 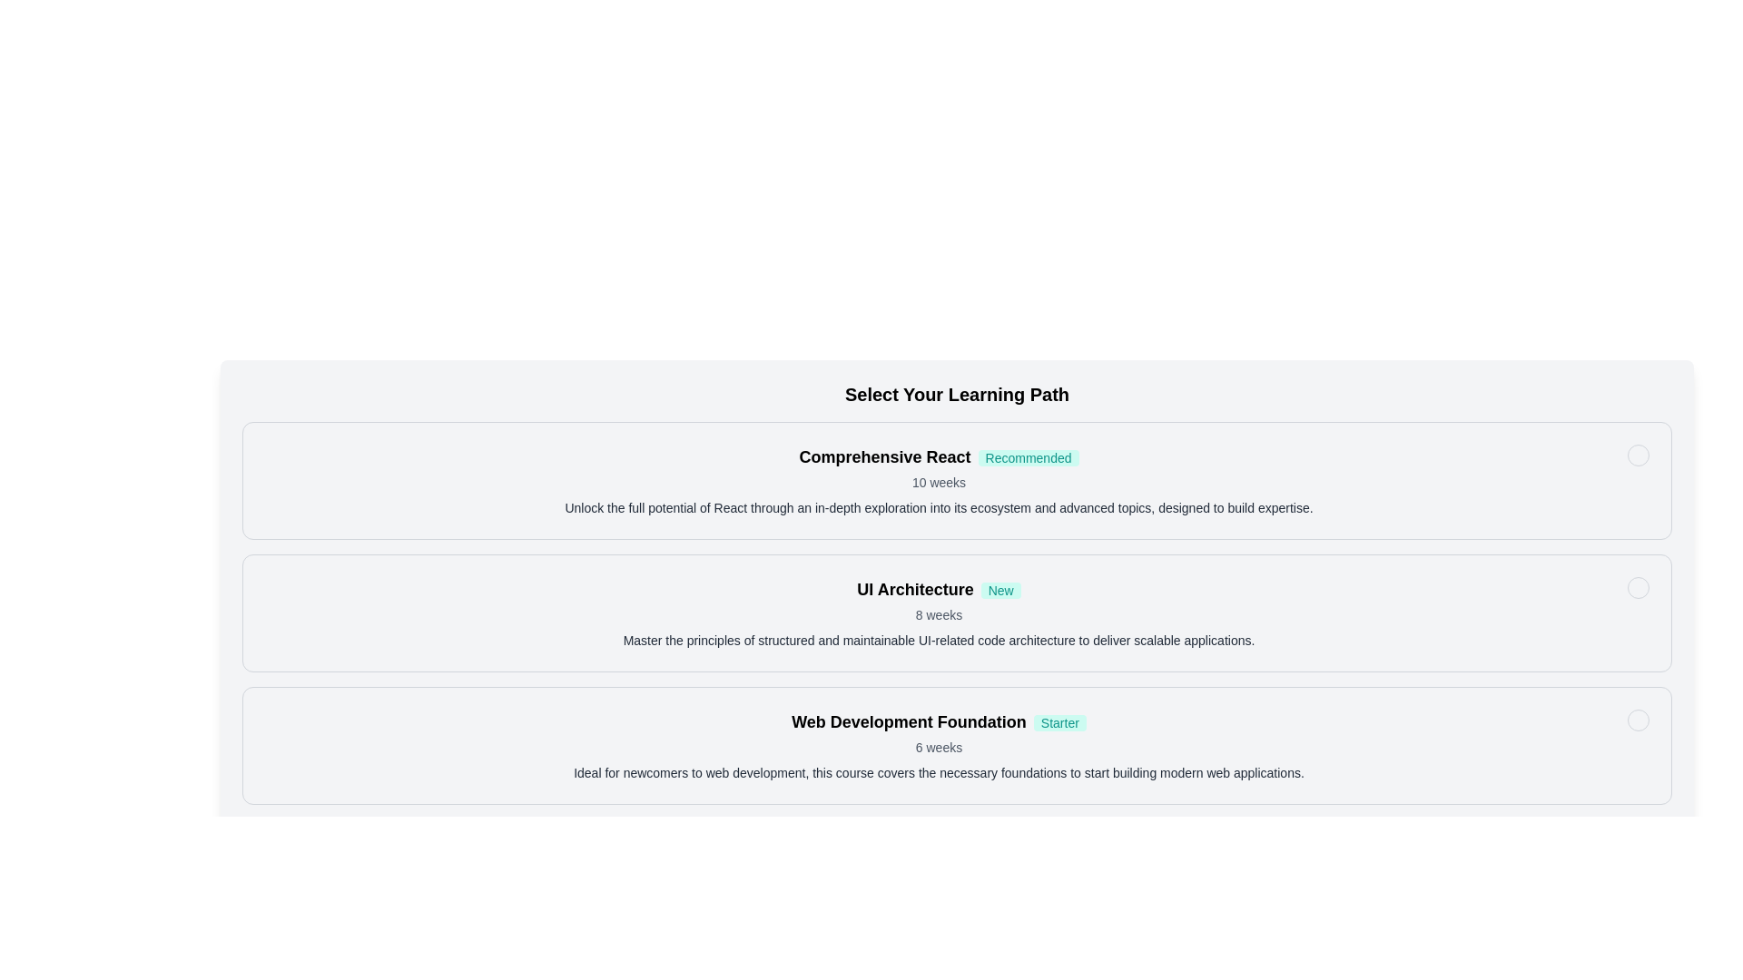 What do you see at coordinates (939, 745) in the screenshot?
I see `the descriptive informational card located at the bottommost section of the course selection page` at bounding box center [939, 745].